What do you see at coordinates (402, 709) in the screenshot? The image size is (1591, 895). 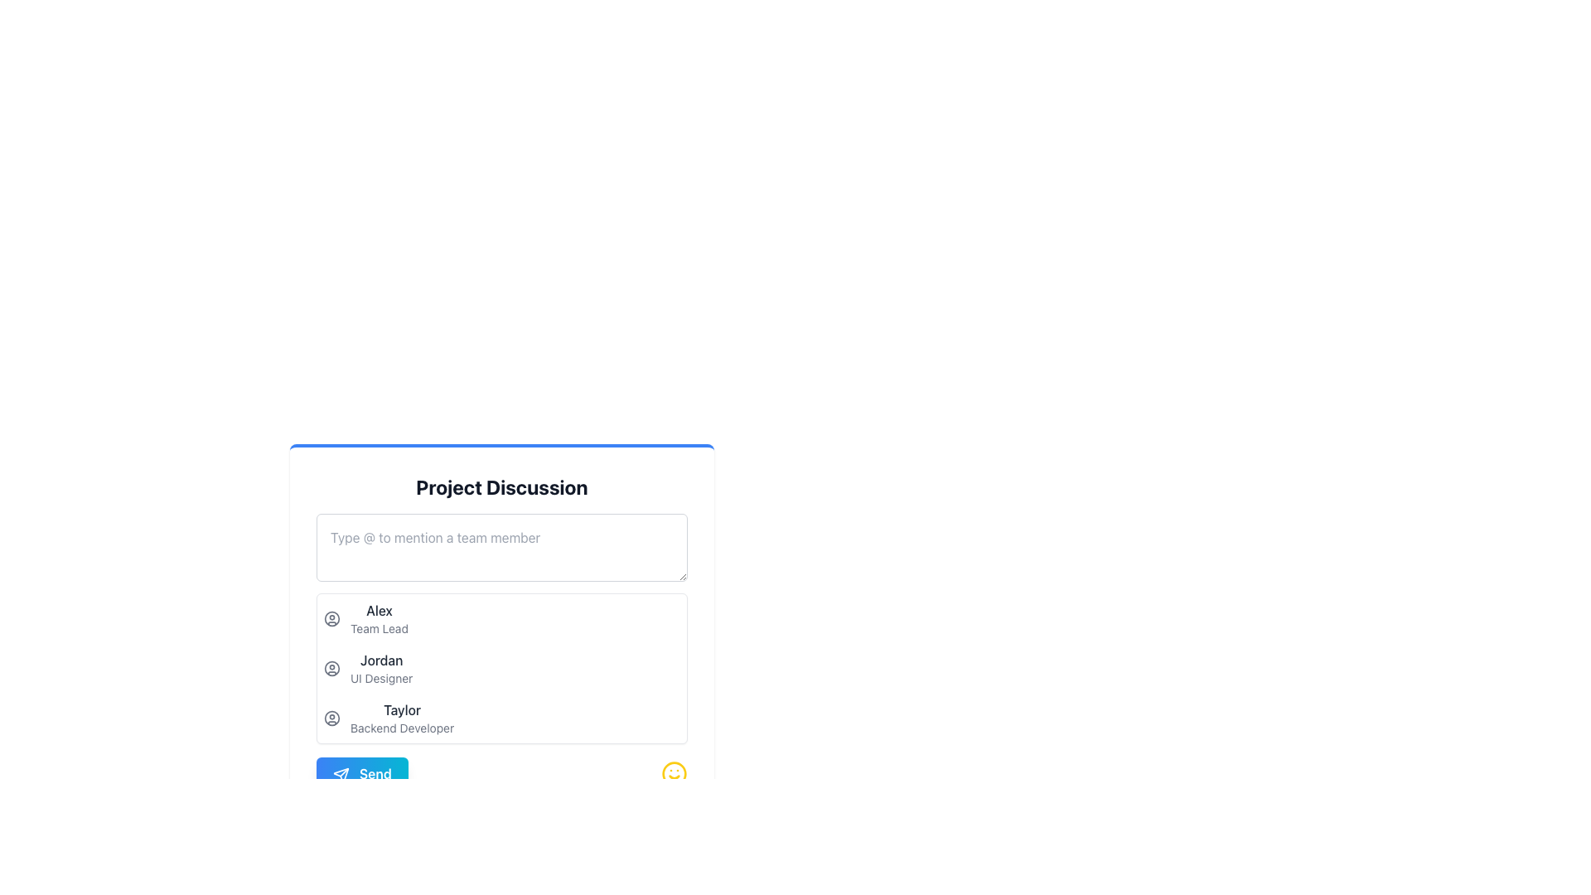 I see `the Text Label displaying 'Taylor' located above the label 'Backend Developer' in the team members list under 'Project Discussion'` at bounding box center [402, 709].